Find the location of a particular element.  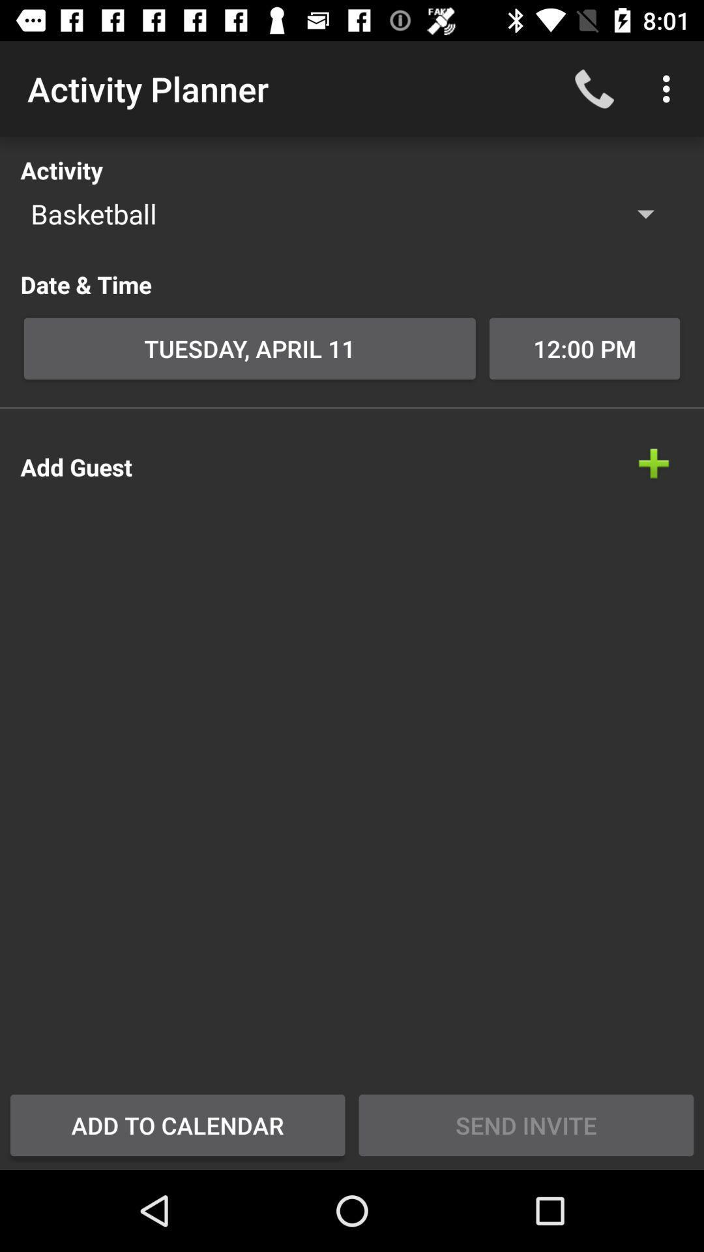

the tuesday, april 11 item is located at coordinates (250, 348).